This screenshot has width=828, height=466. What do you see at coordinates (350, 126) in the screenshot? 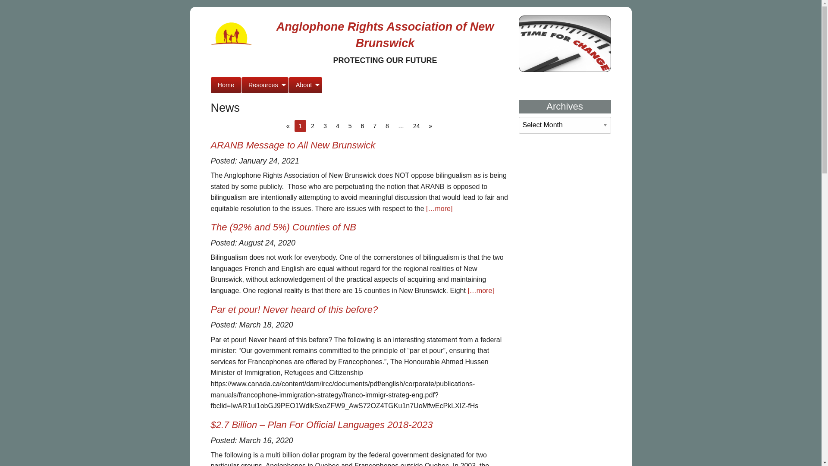
I see `'5'` at bounding box center [350, 126].